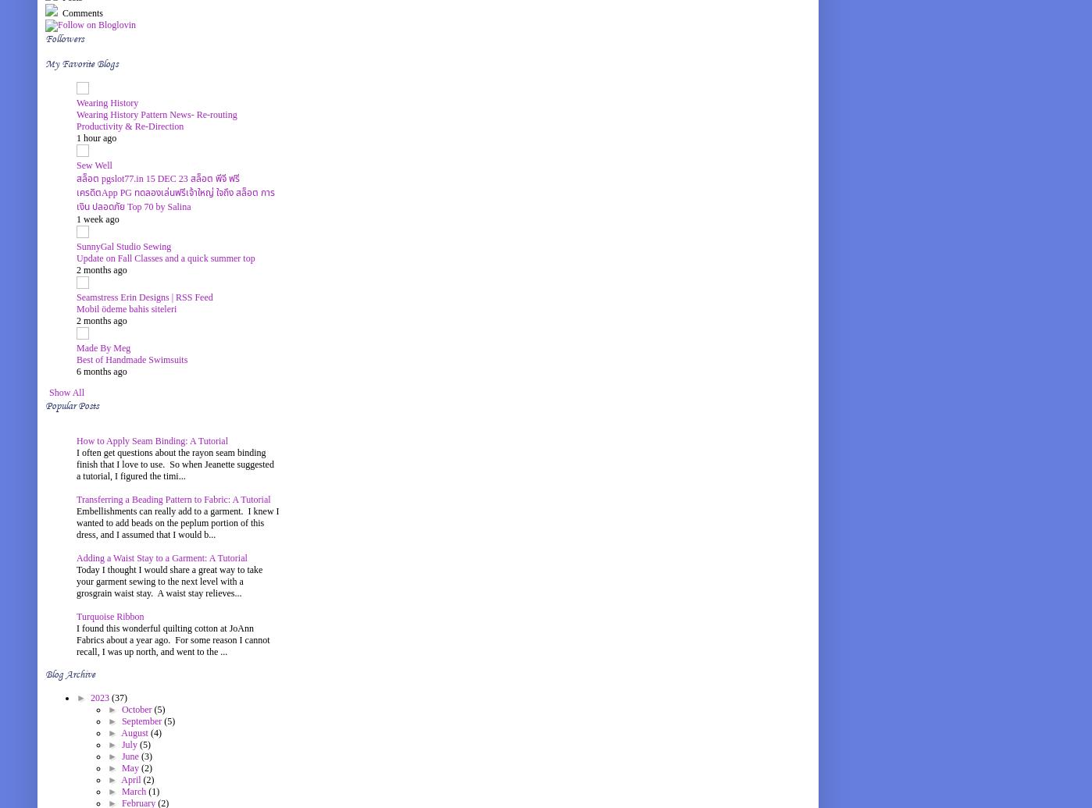 Image resolution: width=1092 pixels, height=808 pixels. I want to click on 'Mobil ödeme bahis siteleri', so click(127, 308).